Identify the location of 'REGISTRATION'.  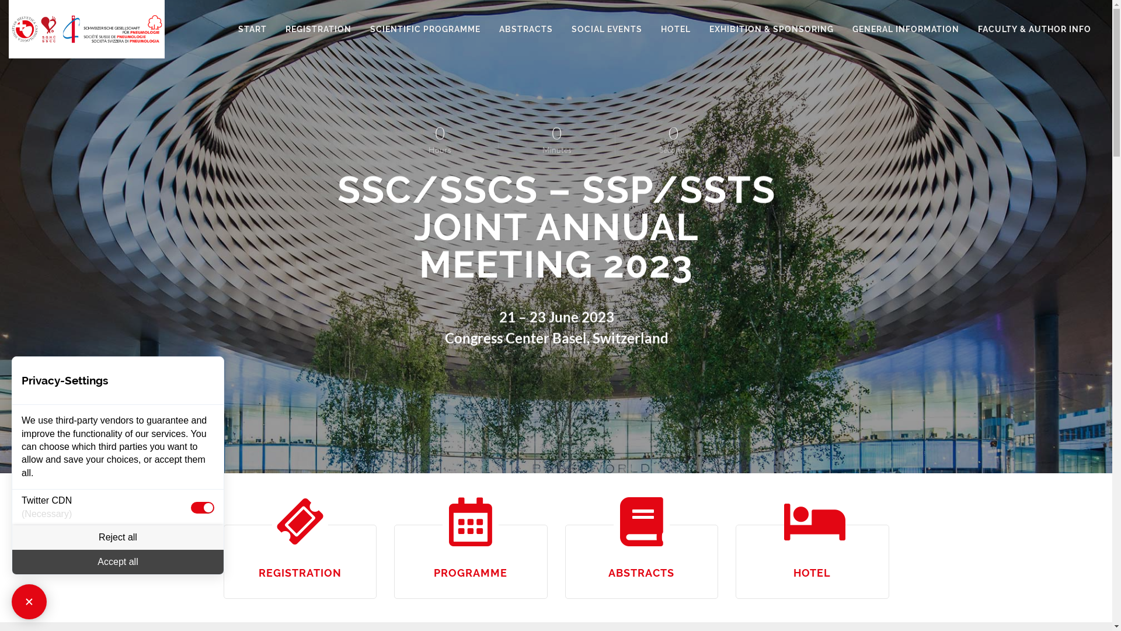
(300, 572).